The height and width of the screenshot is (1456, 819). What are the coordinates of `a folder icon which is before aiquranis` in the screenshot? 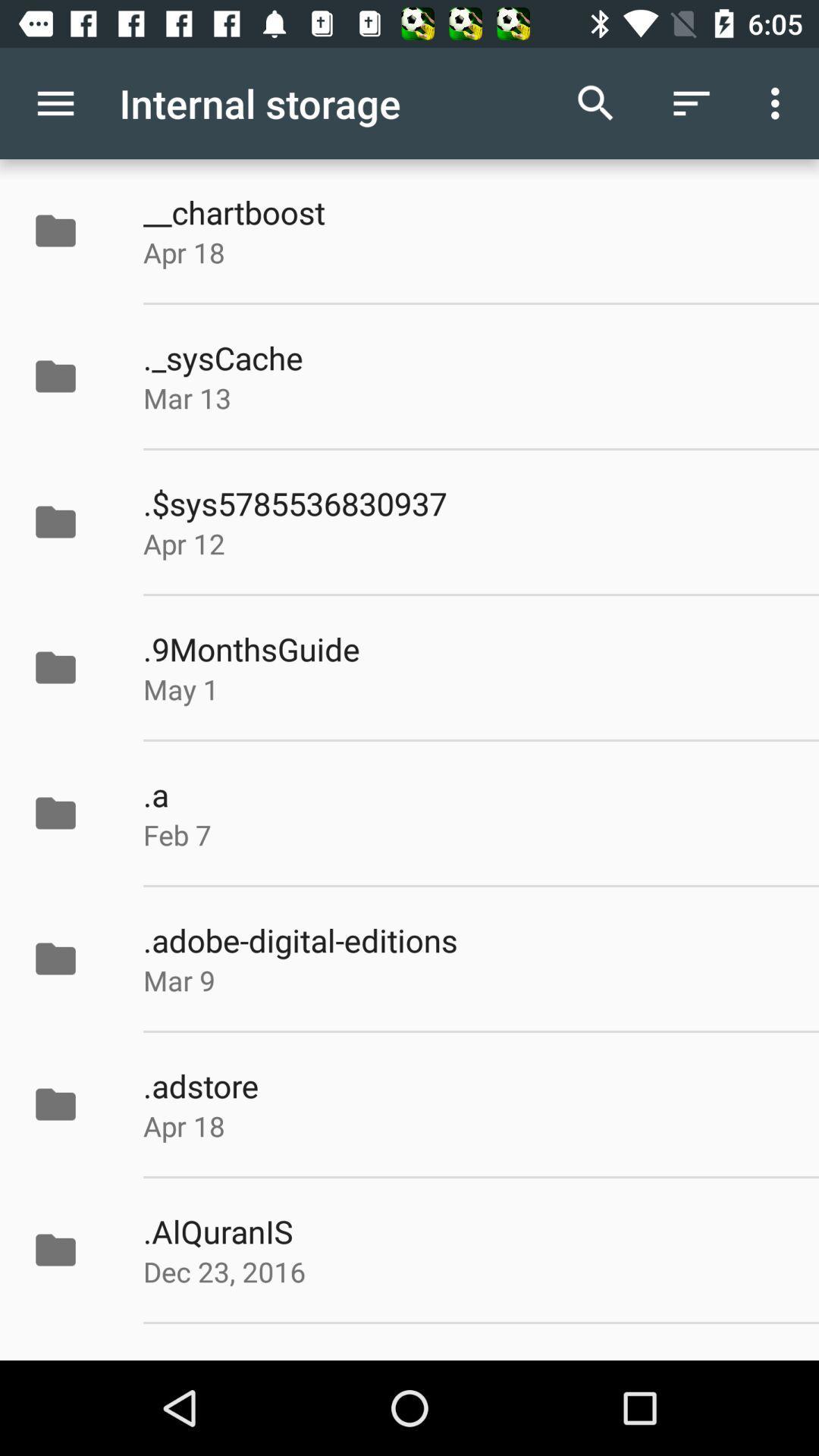 It's located at (71, 1250).